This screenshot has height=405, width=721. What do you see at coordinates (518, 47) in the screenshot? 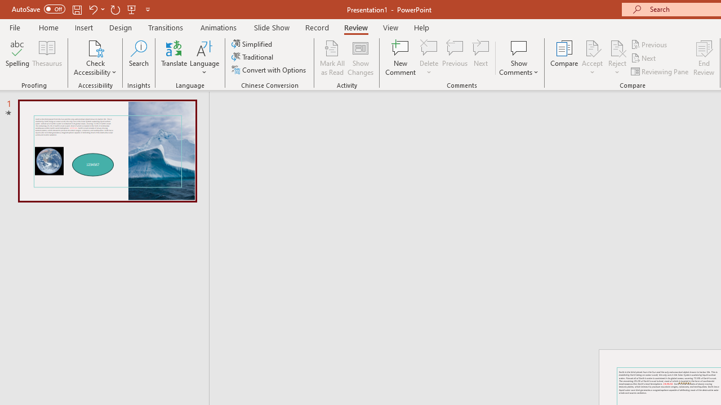
I see `'Show Comments'` at bounding box center [518, 47].